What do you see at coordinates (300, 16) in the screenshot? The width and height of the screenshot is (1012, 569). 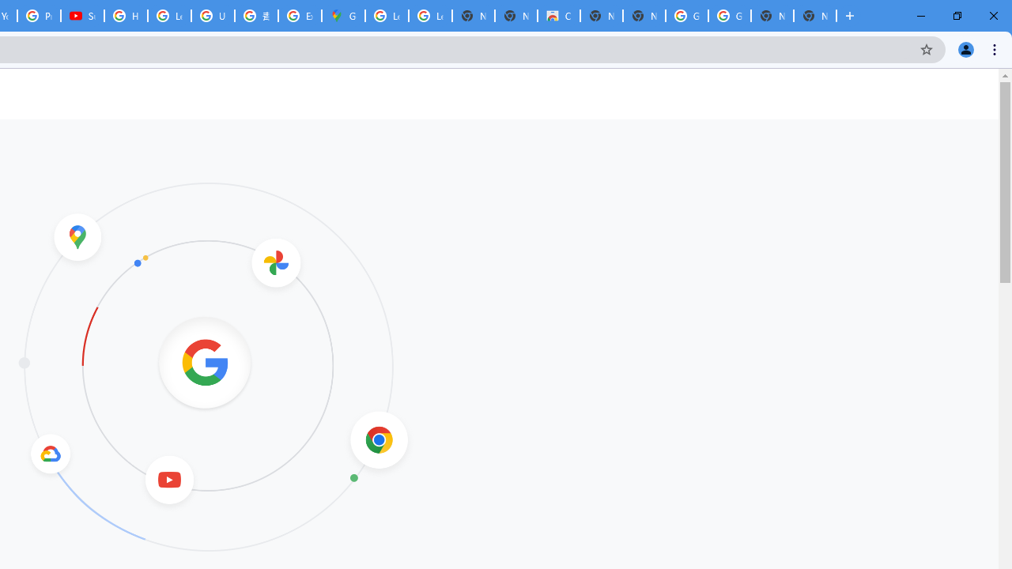 I see `'Explore new street-level details - Google Maps Help'` at bounding box center [300, 16].